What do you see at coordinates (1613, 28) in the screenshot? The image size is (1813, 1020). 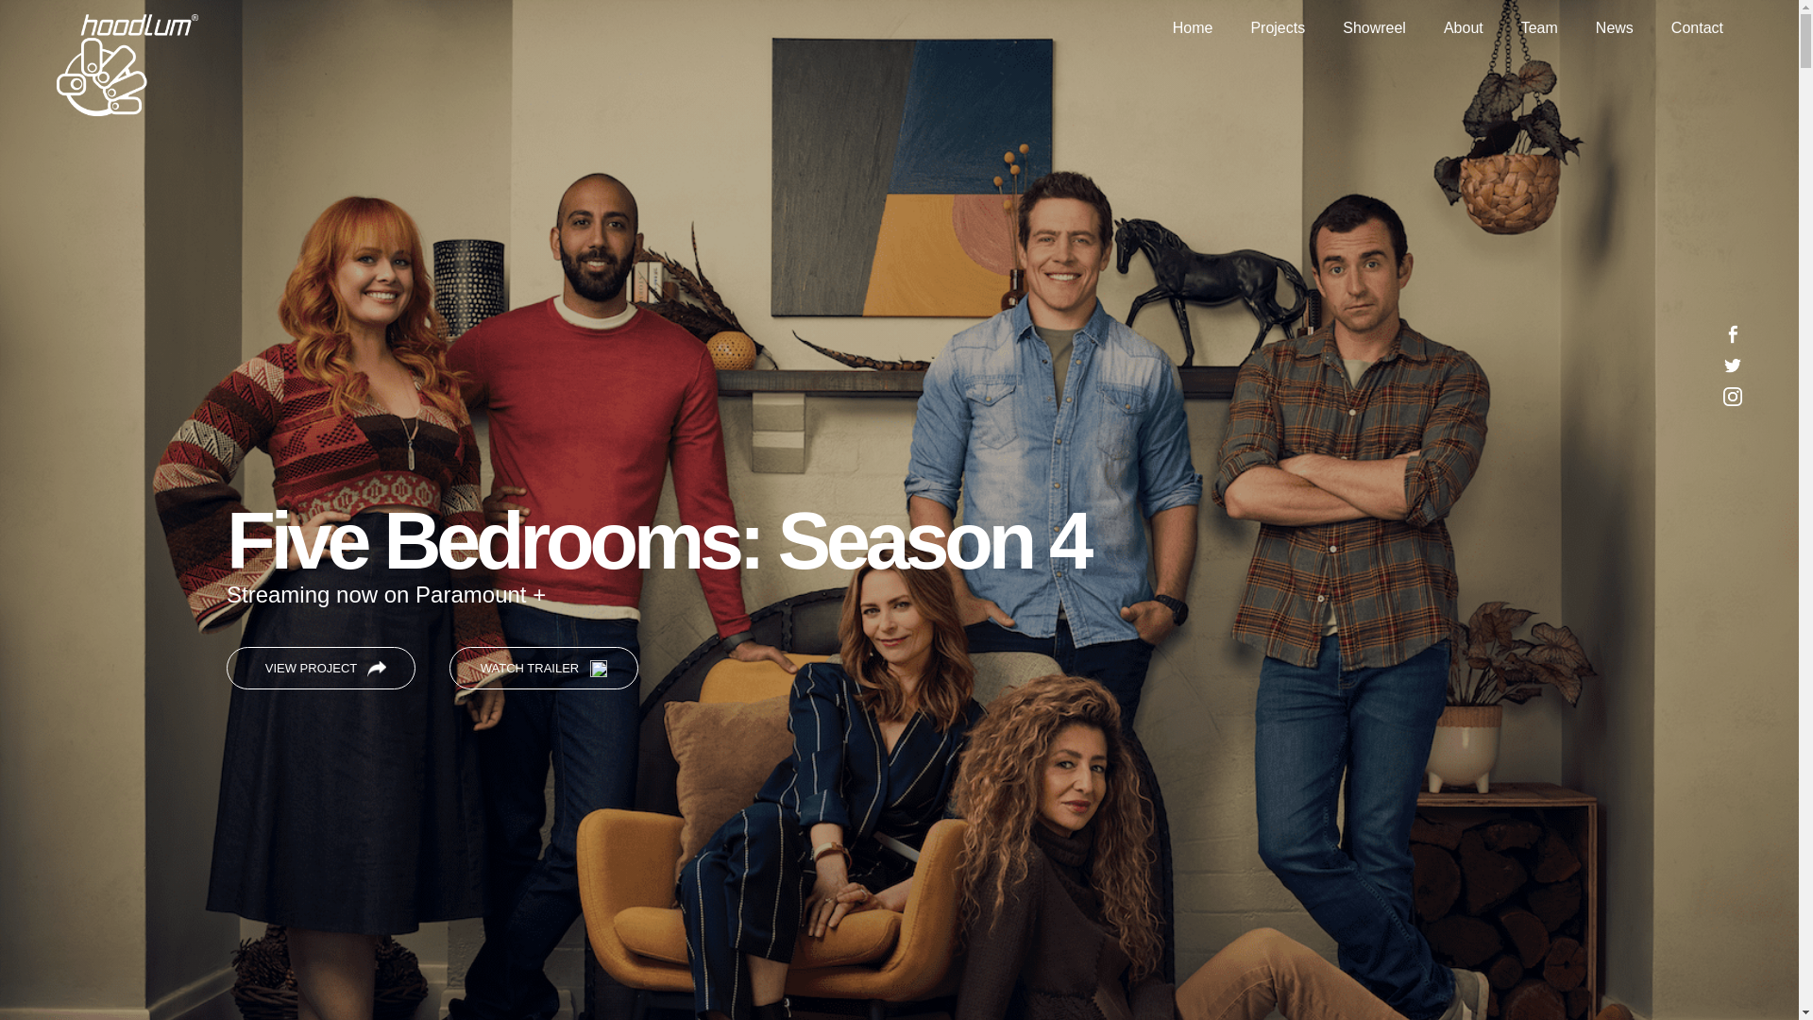 I see `'News'` at bounding box center [1613, 28].